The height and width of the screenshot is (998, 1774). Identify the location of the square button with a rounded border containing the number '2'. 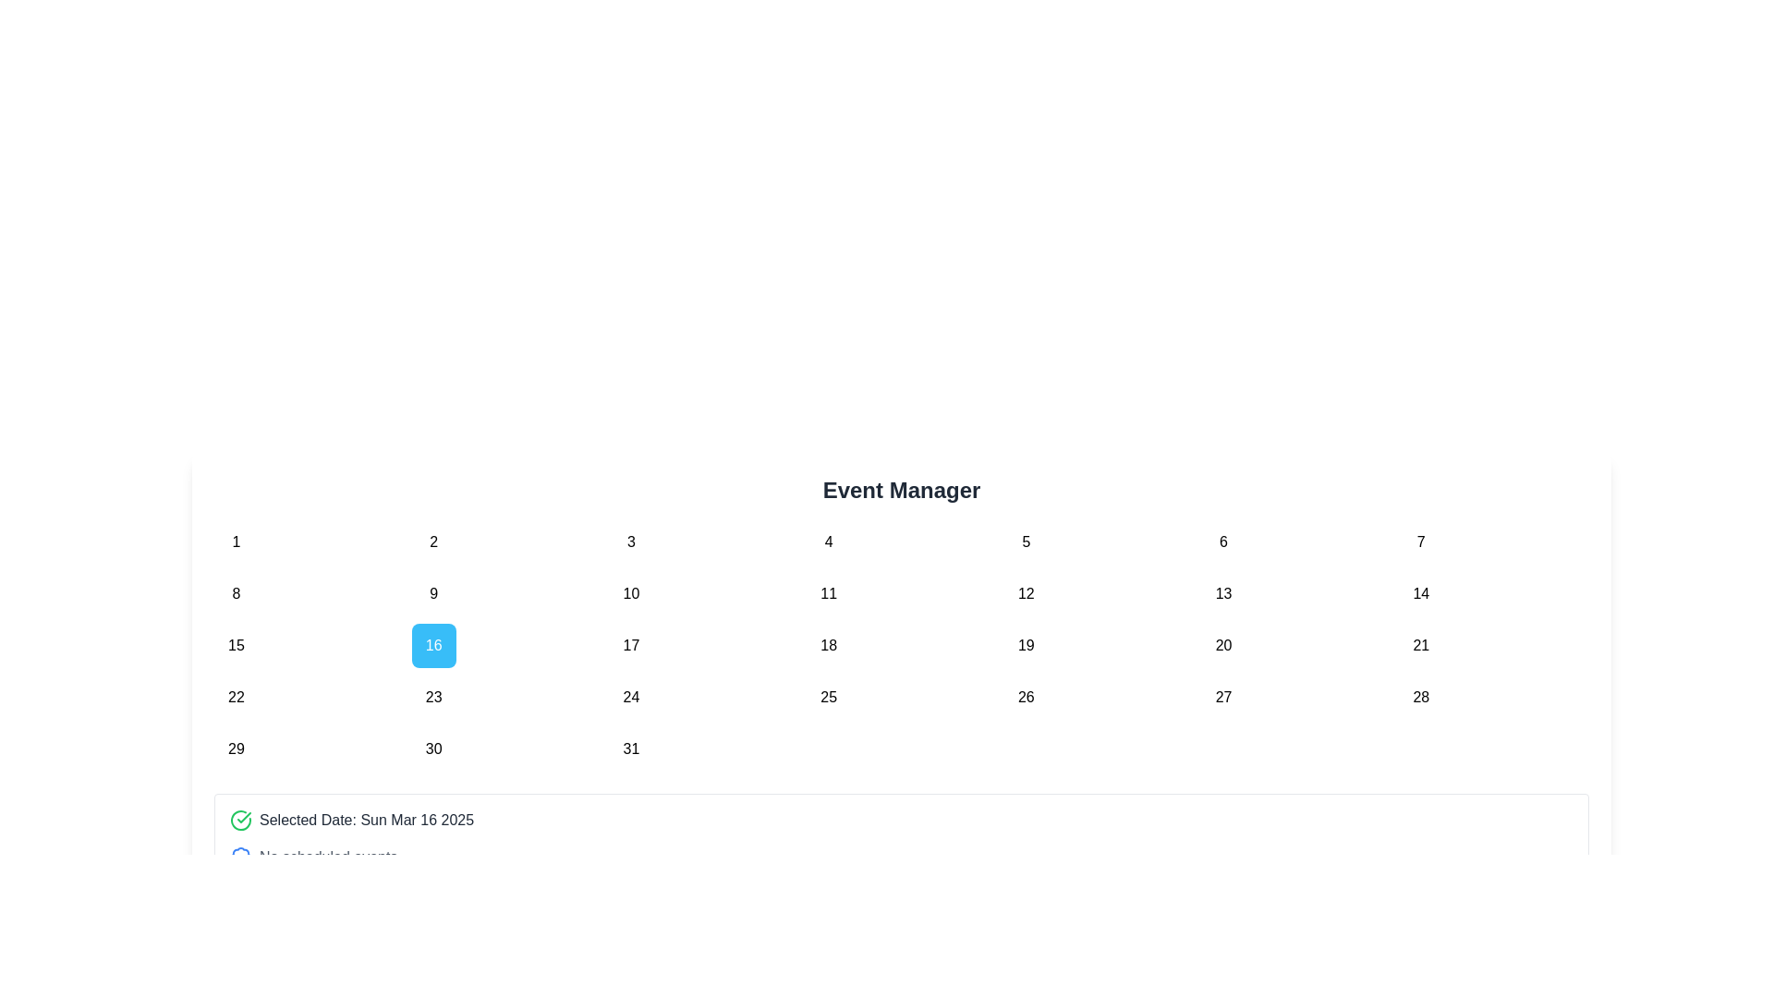
(432, 541).